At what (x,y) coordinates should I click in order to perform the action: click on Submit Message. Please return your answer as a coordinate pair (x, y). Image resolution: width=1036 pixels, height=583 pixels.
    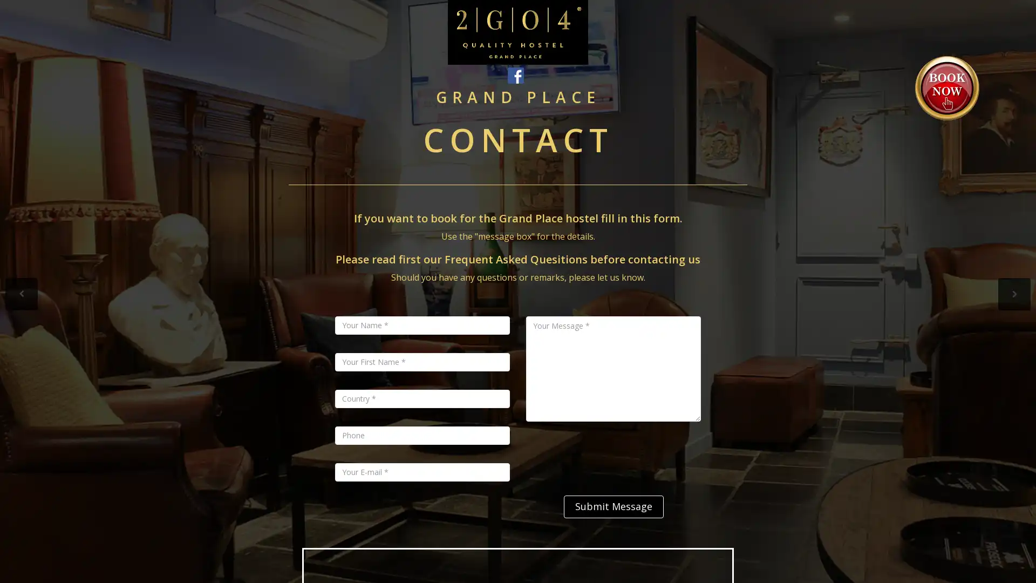
    Looking at the image, I should click on (613, 506).